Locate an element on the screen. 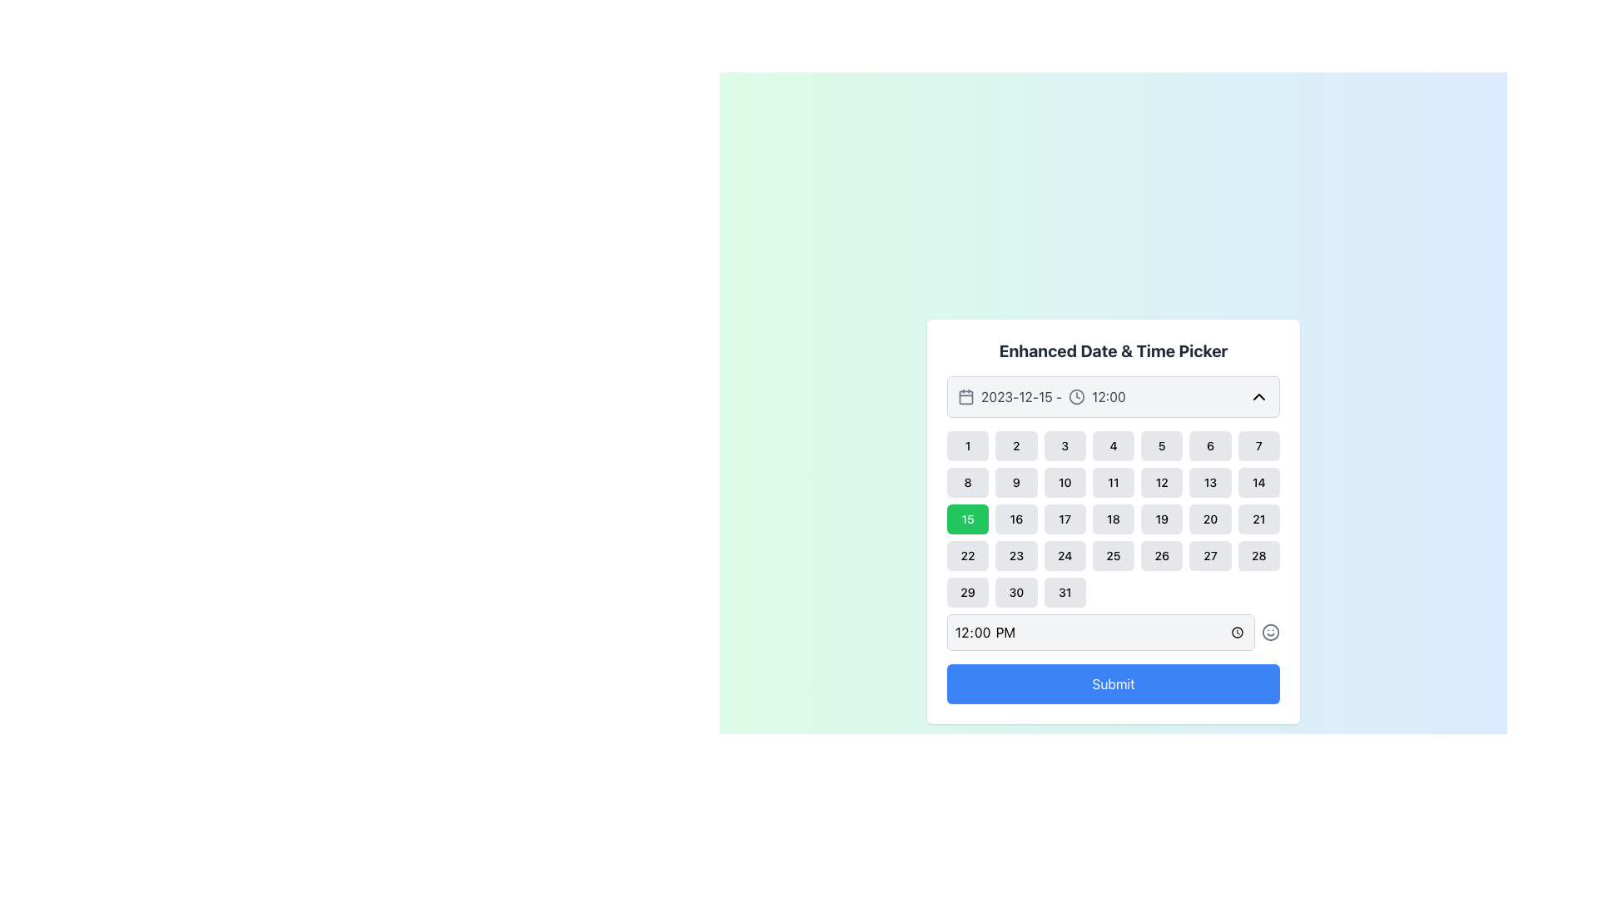  the button is located at coordinates (968, 519).